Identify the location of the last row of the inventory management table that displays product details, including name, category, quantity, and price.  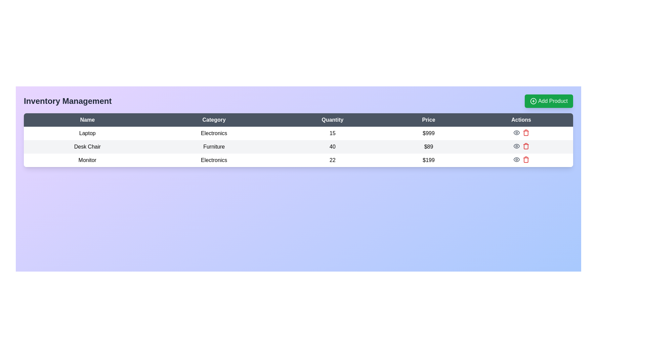
(298, 160).